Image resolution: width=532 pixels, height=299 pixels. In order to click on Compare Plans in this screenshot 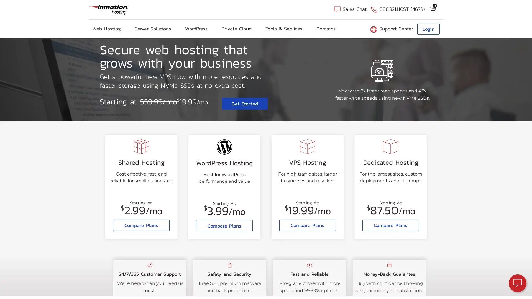, I will do `click(141, 225)`.